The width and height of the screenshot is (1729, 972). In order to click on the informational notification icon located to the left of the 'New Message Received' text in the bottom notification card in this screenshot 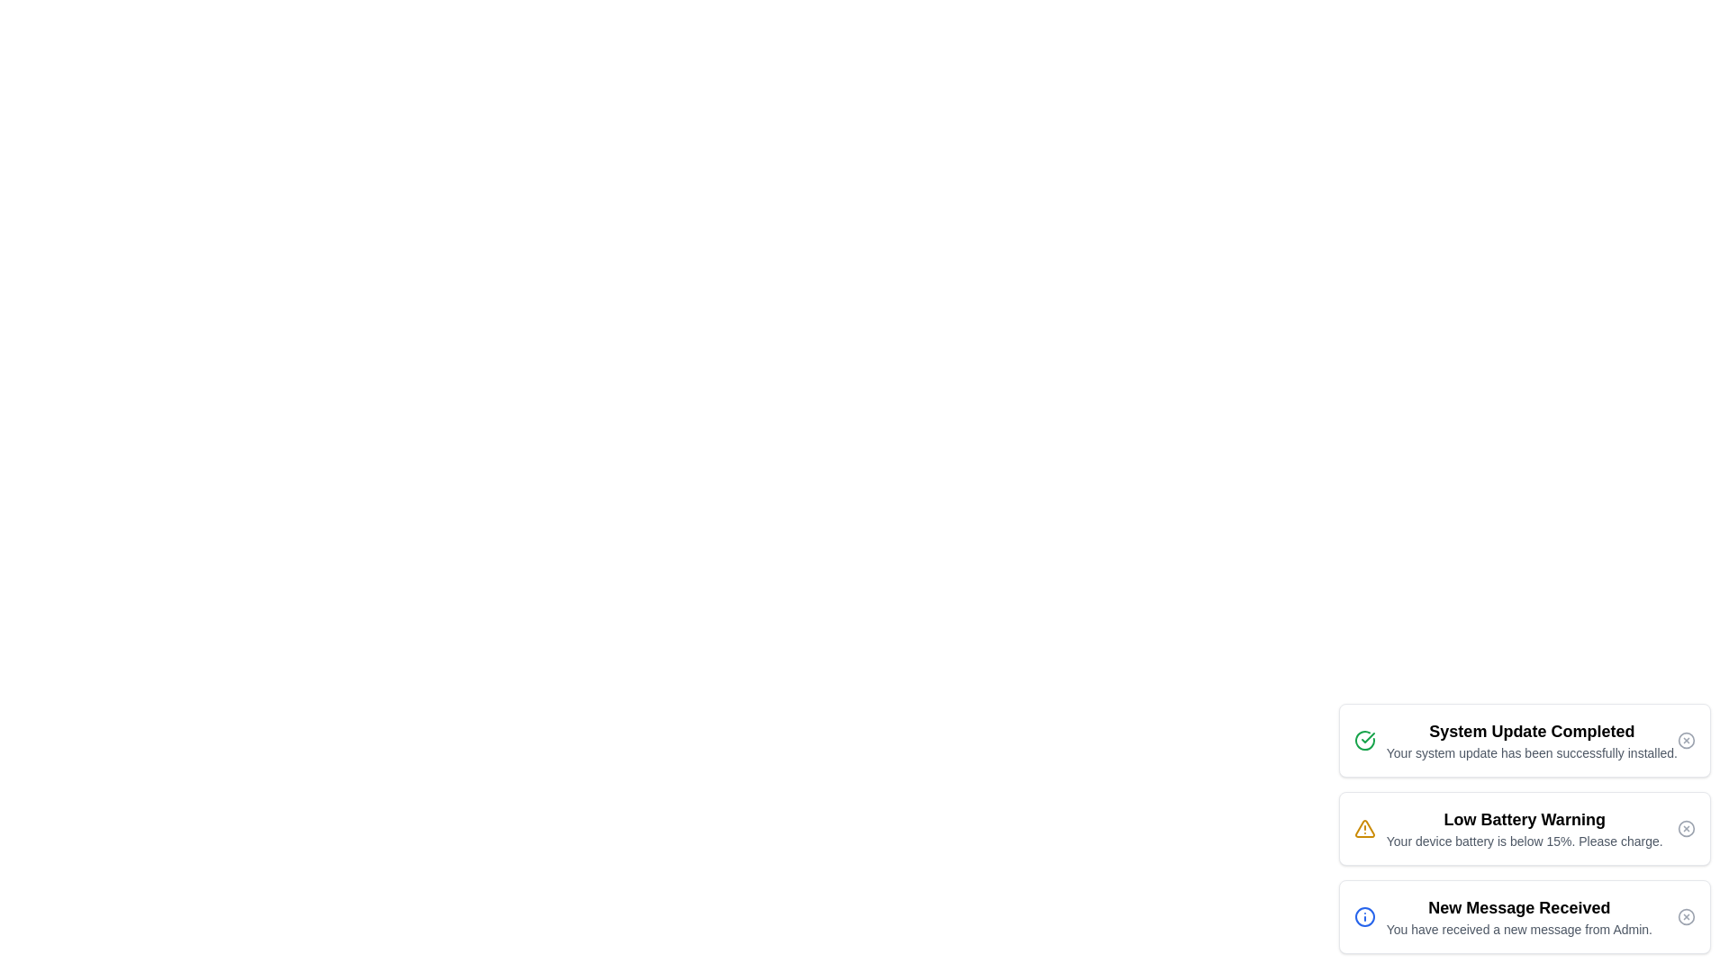, I will do `click(1364, 916)`.